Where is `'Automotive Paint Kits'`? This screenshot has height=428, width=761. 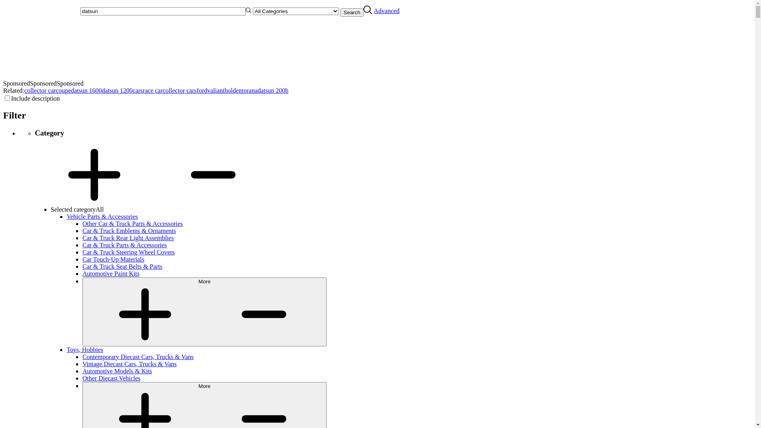 'Automotive Paint Kits' is located at coordinates (82, 273).